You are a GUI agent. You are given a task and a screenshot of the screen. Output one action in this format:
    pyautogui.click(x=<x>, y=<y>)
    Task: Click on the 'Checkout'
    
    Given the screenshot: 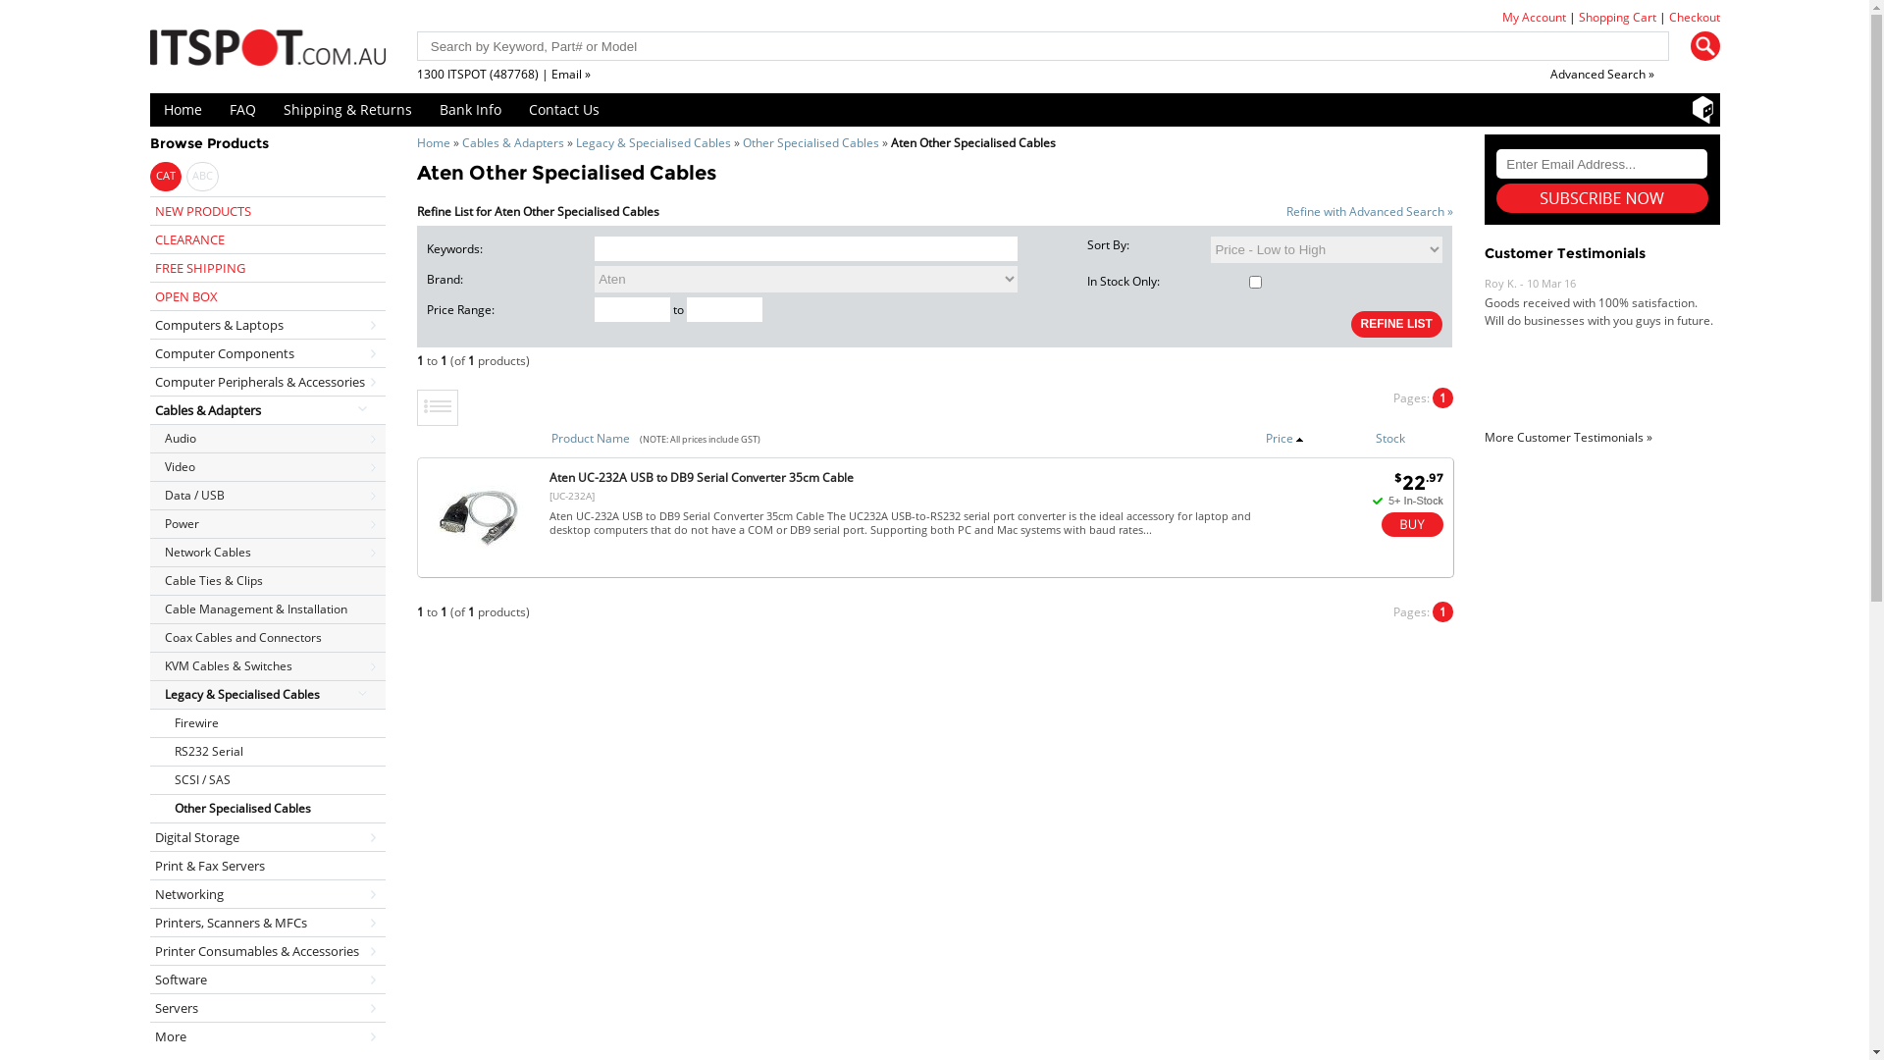 What is the action you would take?
    pyautogui.click(x=1693, y=18)
    